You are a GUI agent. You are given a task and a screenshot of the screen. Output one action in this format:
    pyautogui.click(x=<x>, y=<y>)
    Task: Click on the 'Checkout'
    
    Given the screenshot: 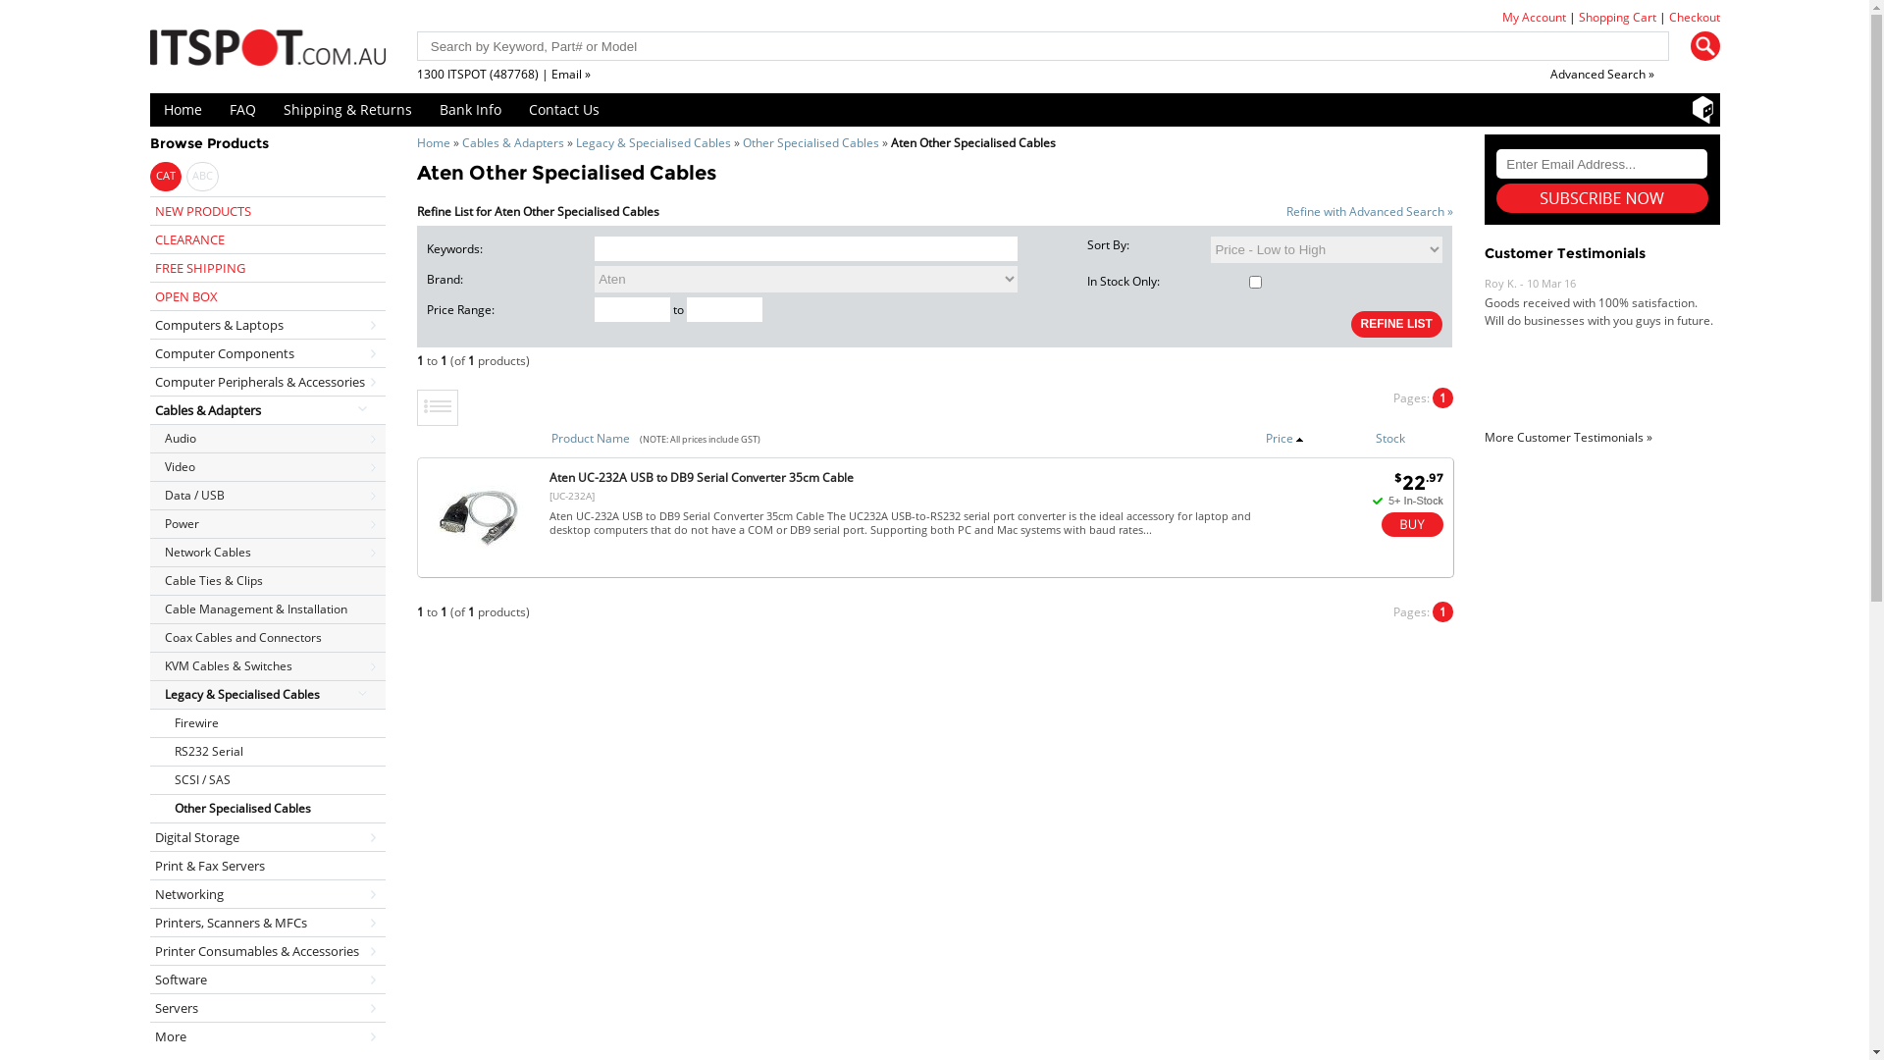 What is the action you would take?
    pyautogui.click(x=1693, y=18)
    